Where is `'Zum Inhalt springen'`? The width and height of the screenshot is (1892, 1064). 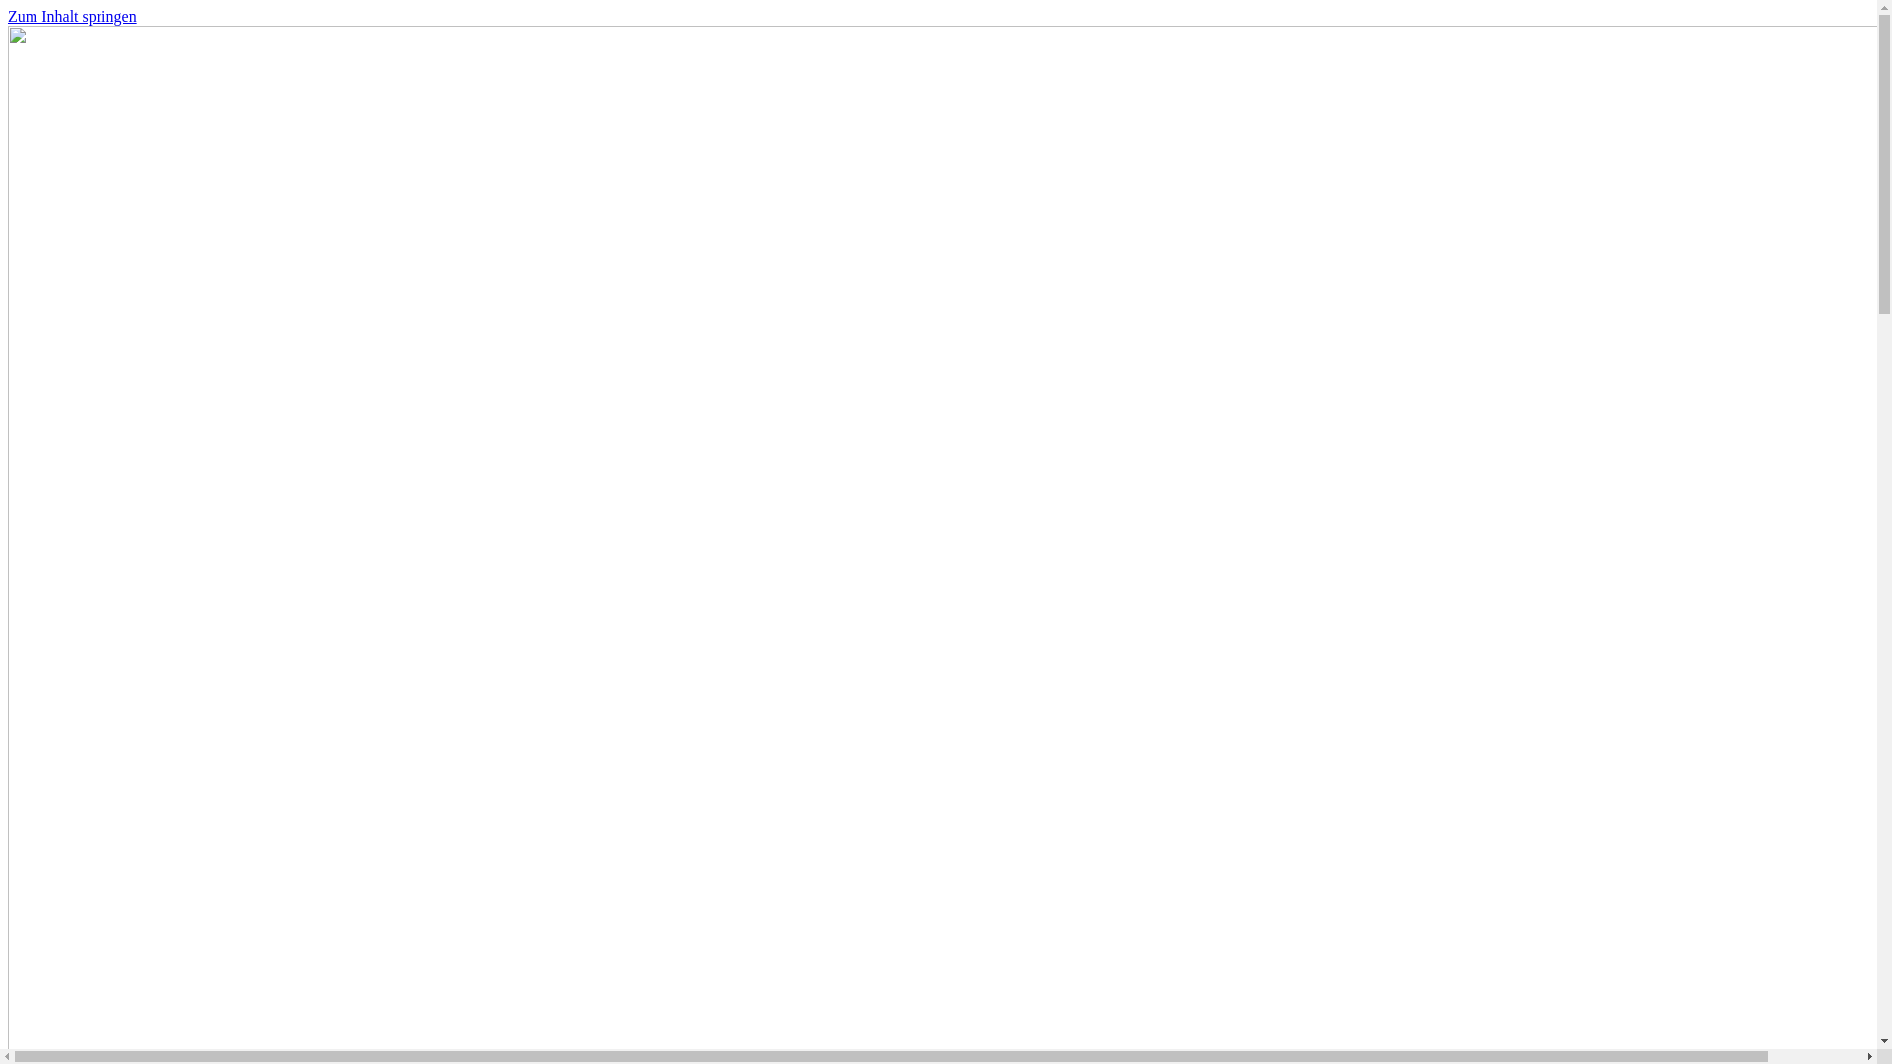 'Zum Inhalt springen' is located at coordinates (72, 16).